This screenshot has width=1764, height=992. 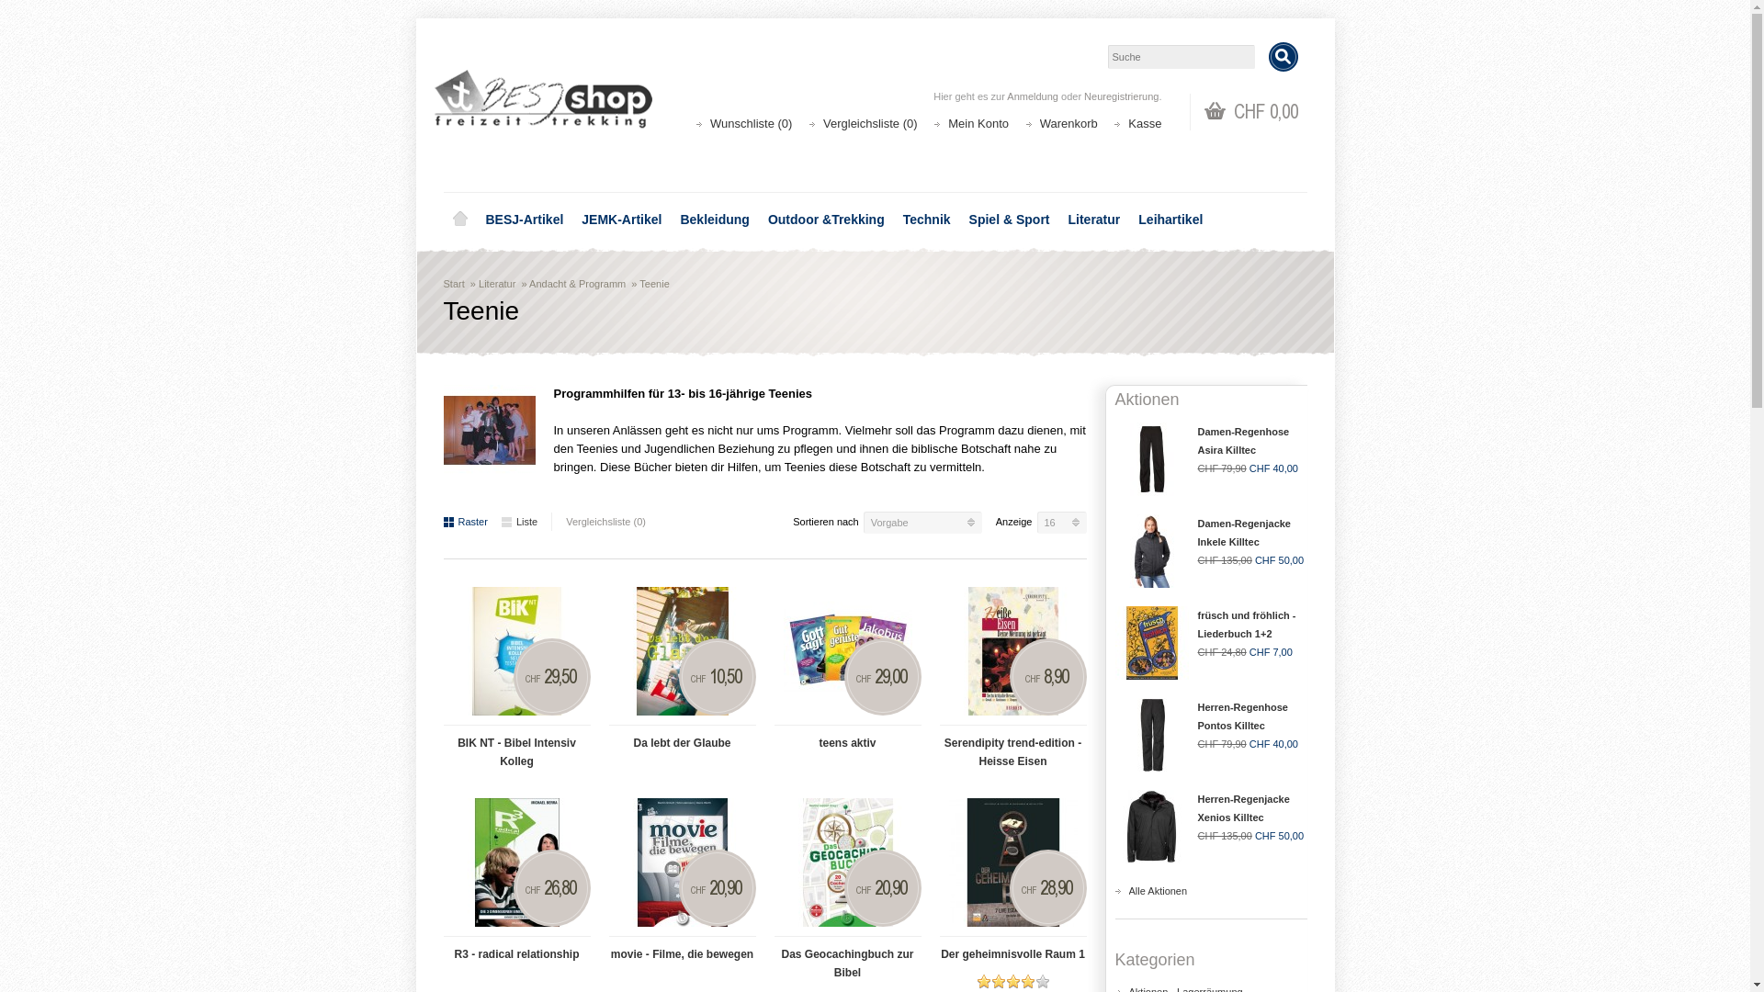 I want to click on 'JEMK-Artikel', so click(x=571, y=219).